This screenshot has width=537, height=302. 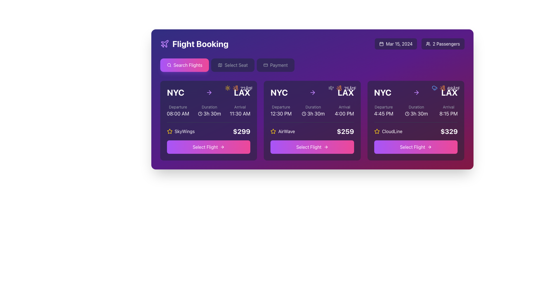 I want to click on the yellow star-shaped icon and text label combination for 'CloudLine', so click(x=388, y=131).